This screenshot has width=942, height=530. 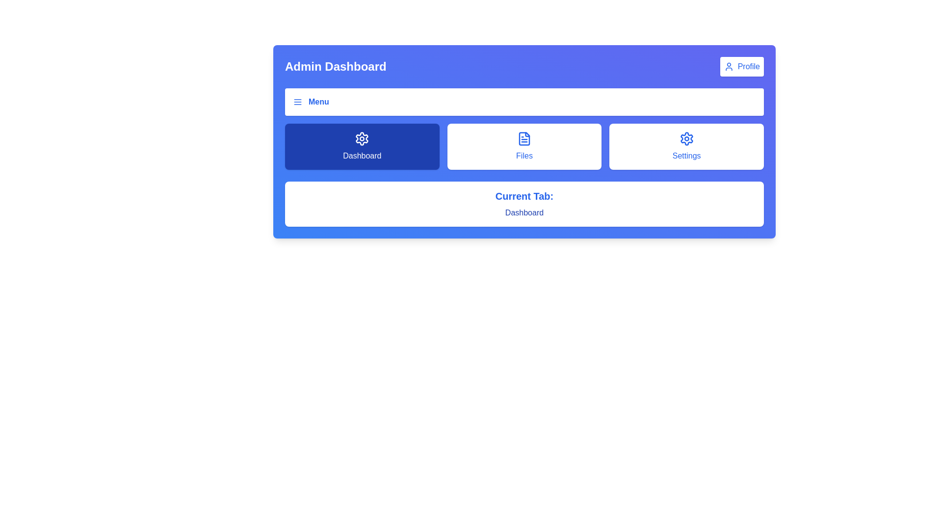 I want to click on the rectangular file document icon with a light blue outline located in the 'Files' section of the navigation bar, positioned between 'Dashboard' and 'Settings', so click(x=524, y=138).